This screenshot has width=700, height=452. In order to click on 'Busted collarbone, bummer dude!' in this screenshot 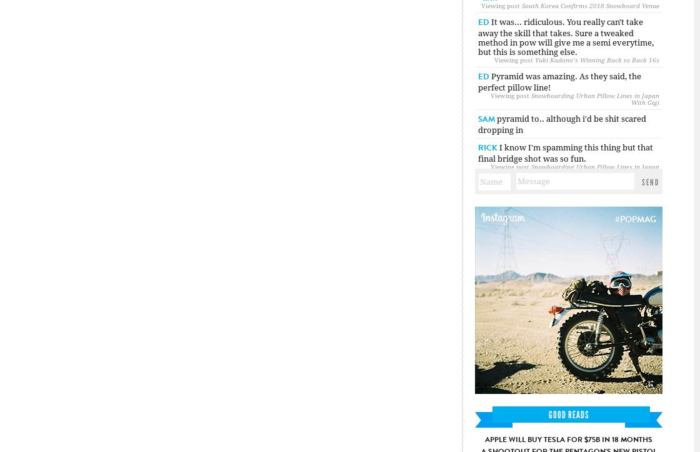, I will do `click(564, 215)`.